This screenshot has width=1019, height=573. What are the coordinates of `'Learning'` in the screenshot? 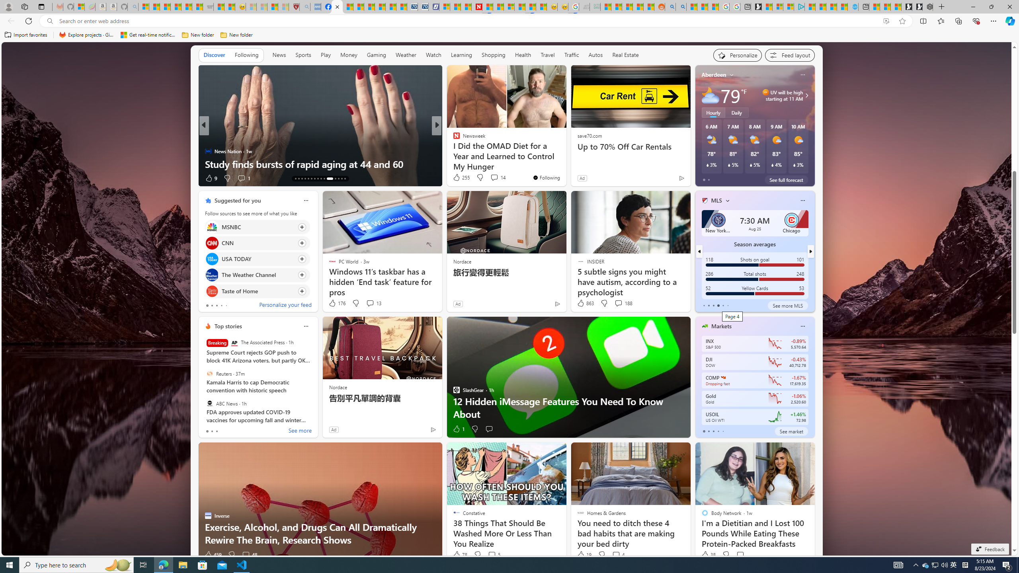 It's located at (461, 55).